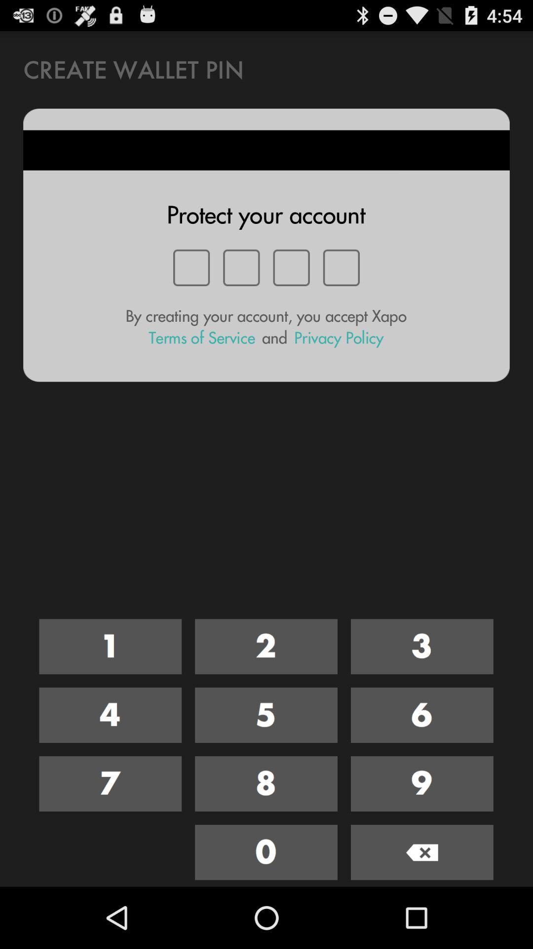 Image resolution: width=533 pixels, height=949 pixels. What do you see at coordinates (266, 852) in the screenshot?
I see `button number 0` at bounding box center [266, 852].